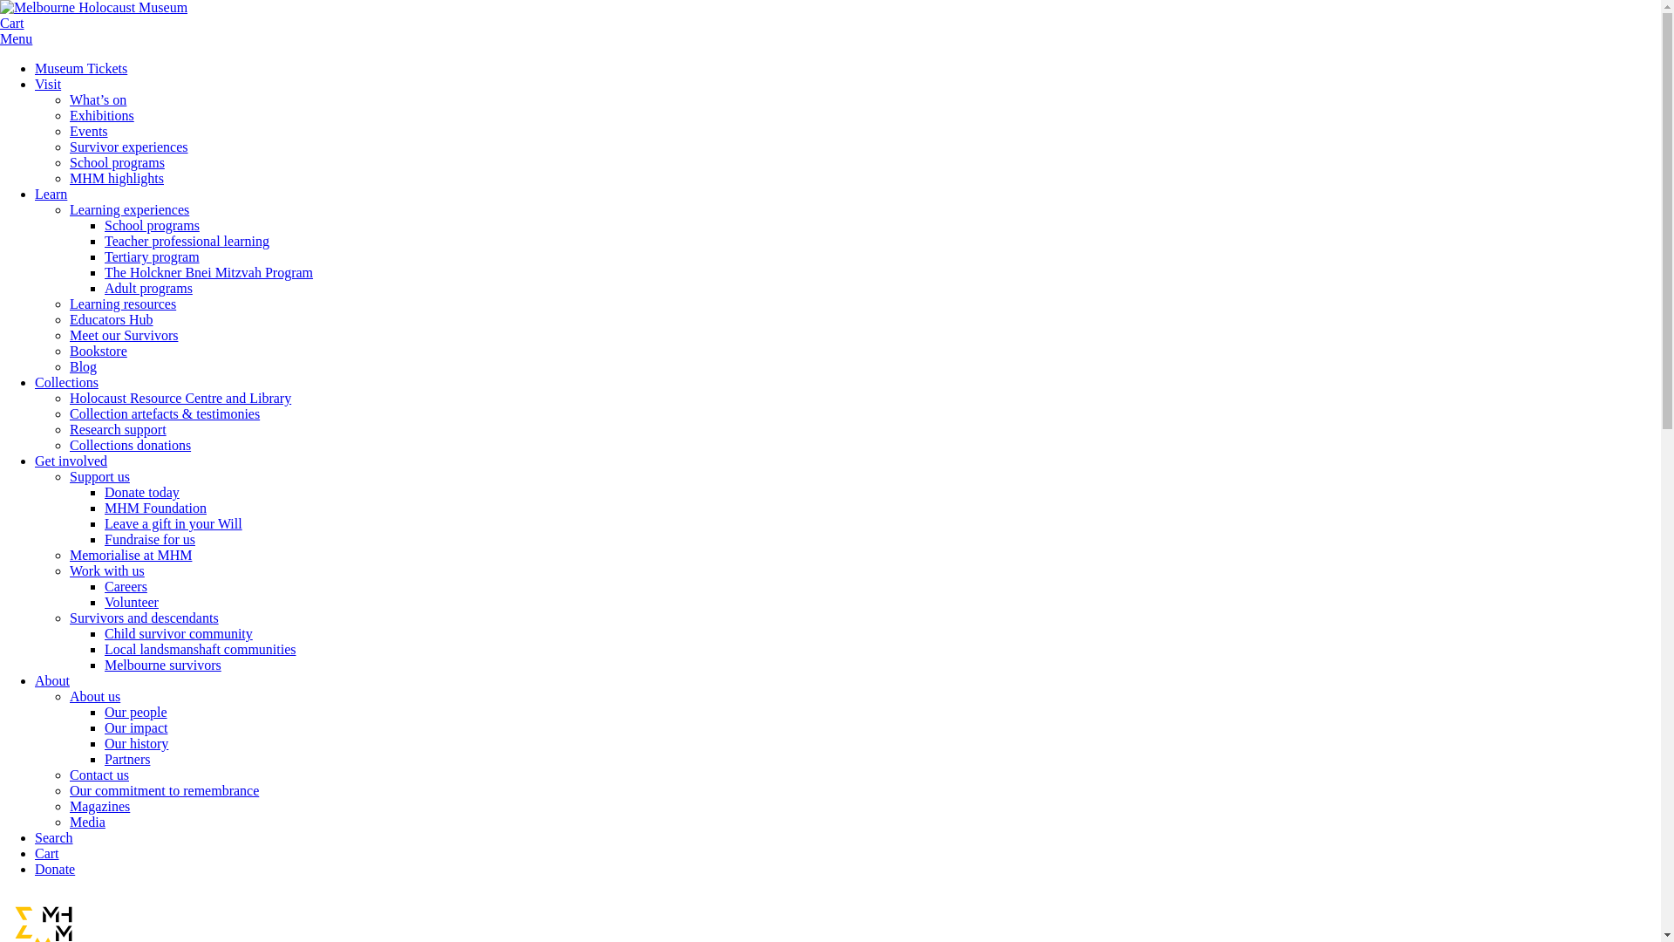 This screenshot has height=942, width=1674. Describe the element at coordinates (117, 429) in the screenshot. I see `'Research support'` at that location.